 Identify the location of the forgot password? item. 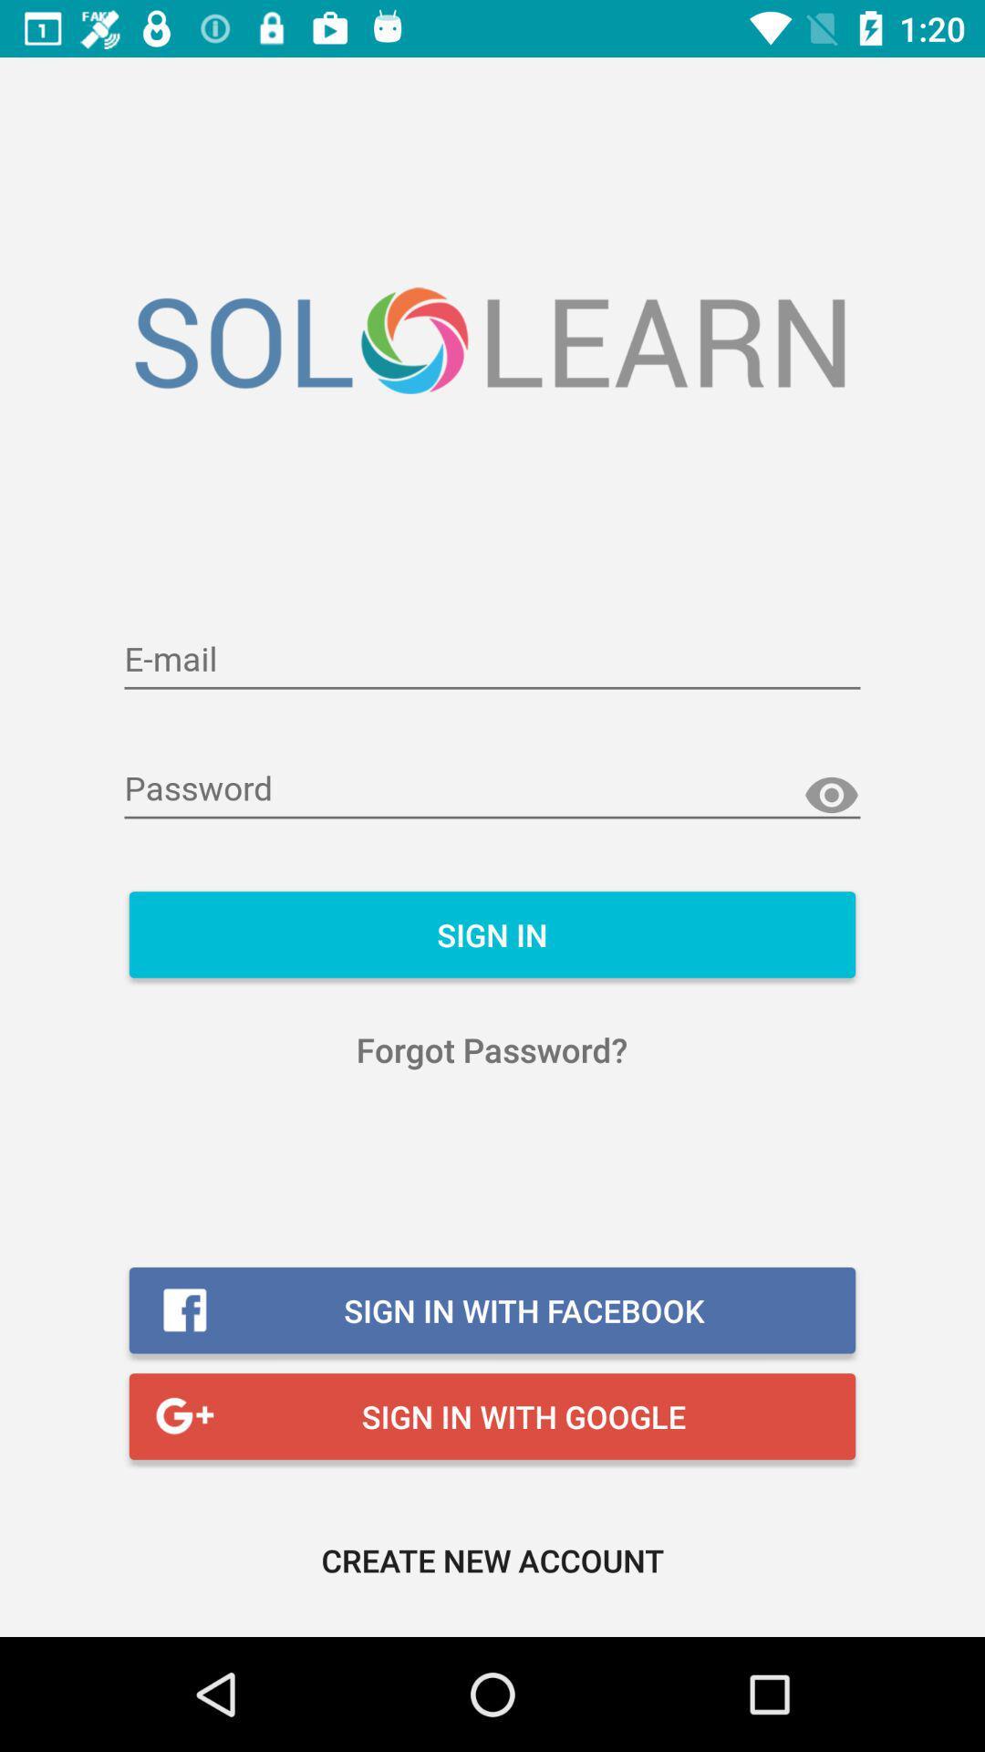
(491, 1049).